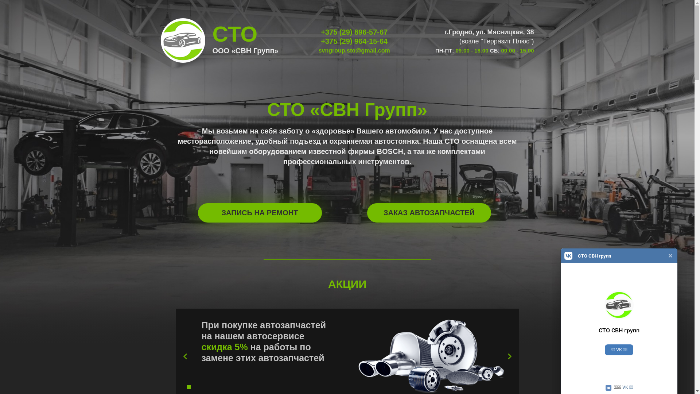 Image resolution: width=700 pixels, height=394 pixels. Describe the element at coordinates (354, 50) in the screenshot. I see `'svngroup.sto@gmail.com'` at that location.